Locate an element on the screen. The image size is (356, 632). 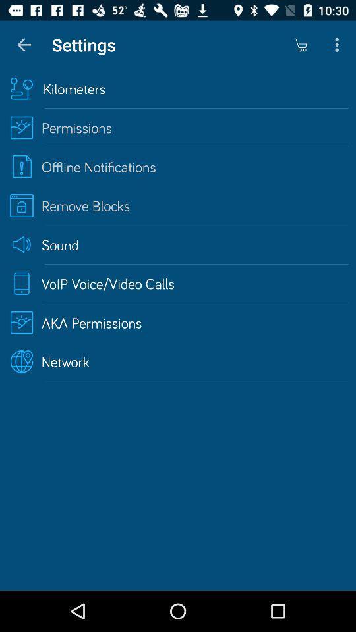
app to the right of settings icon is located at coordinates (300, 45).